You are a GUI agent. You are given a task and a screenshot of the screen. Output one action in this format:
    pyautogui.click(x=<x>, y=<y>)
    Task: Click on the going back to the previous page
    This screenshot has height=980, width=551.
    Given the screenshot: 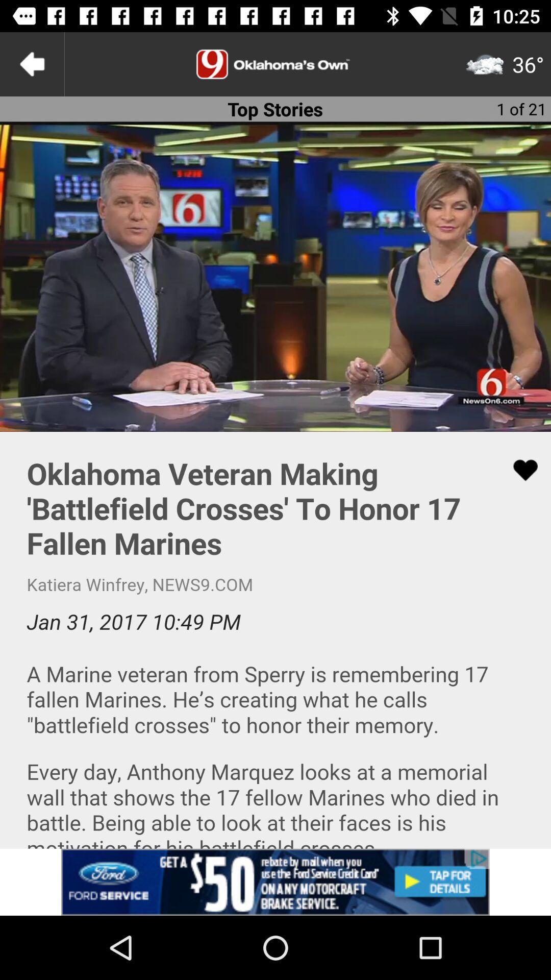 What is the action you would take?
    pyautogui.click(x=31, y=63)
    